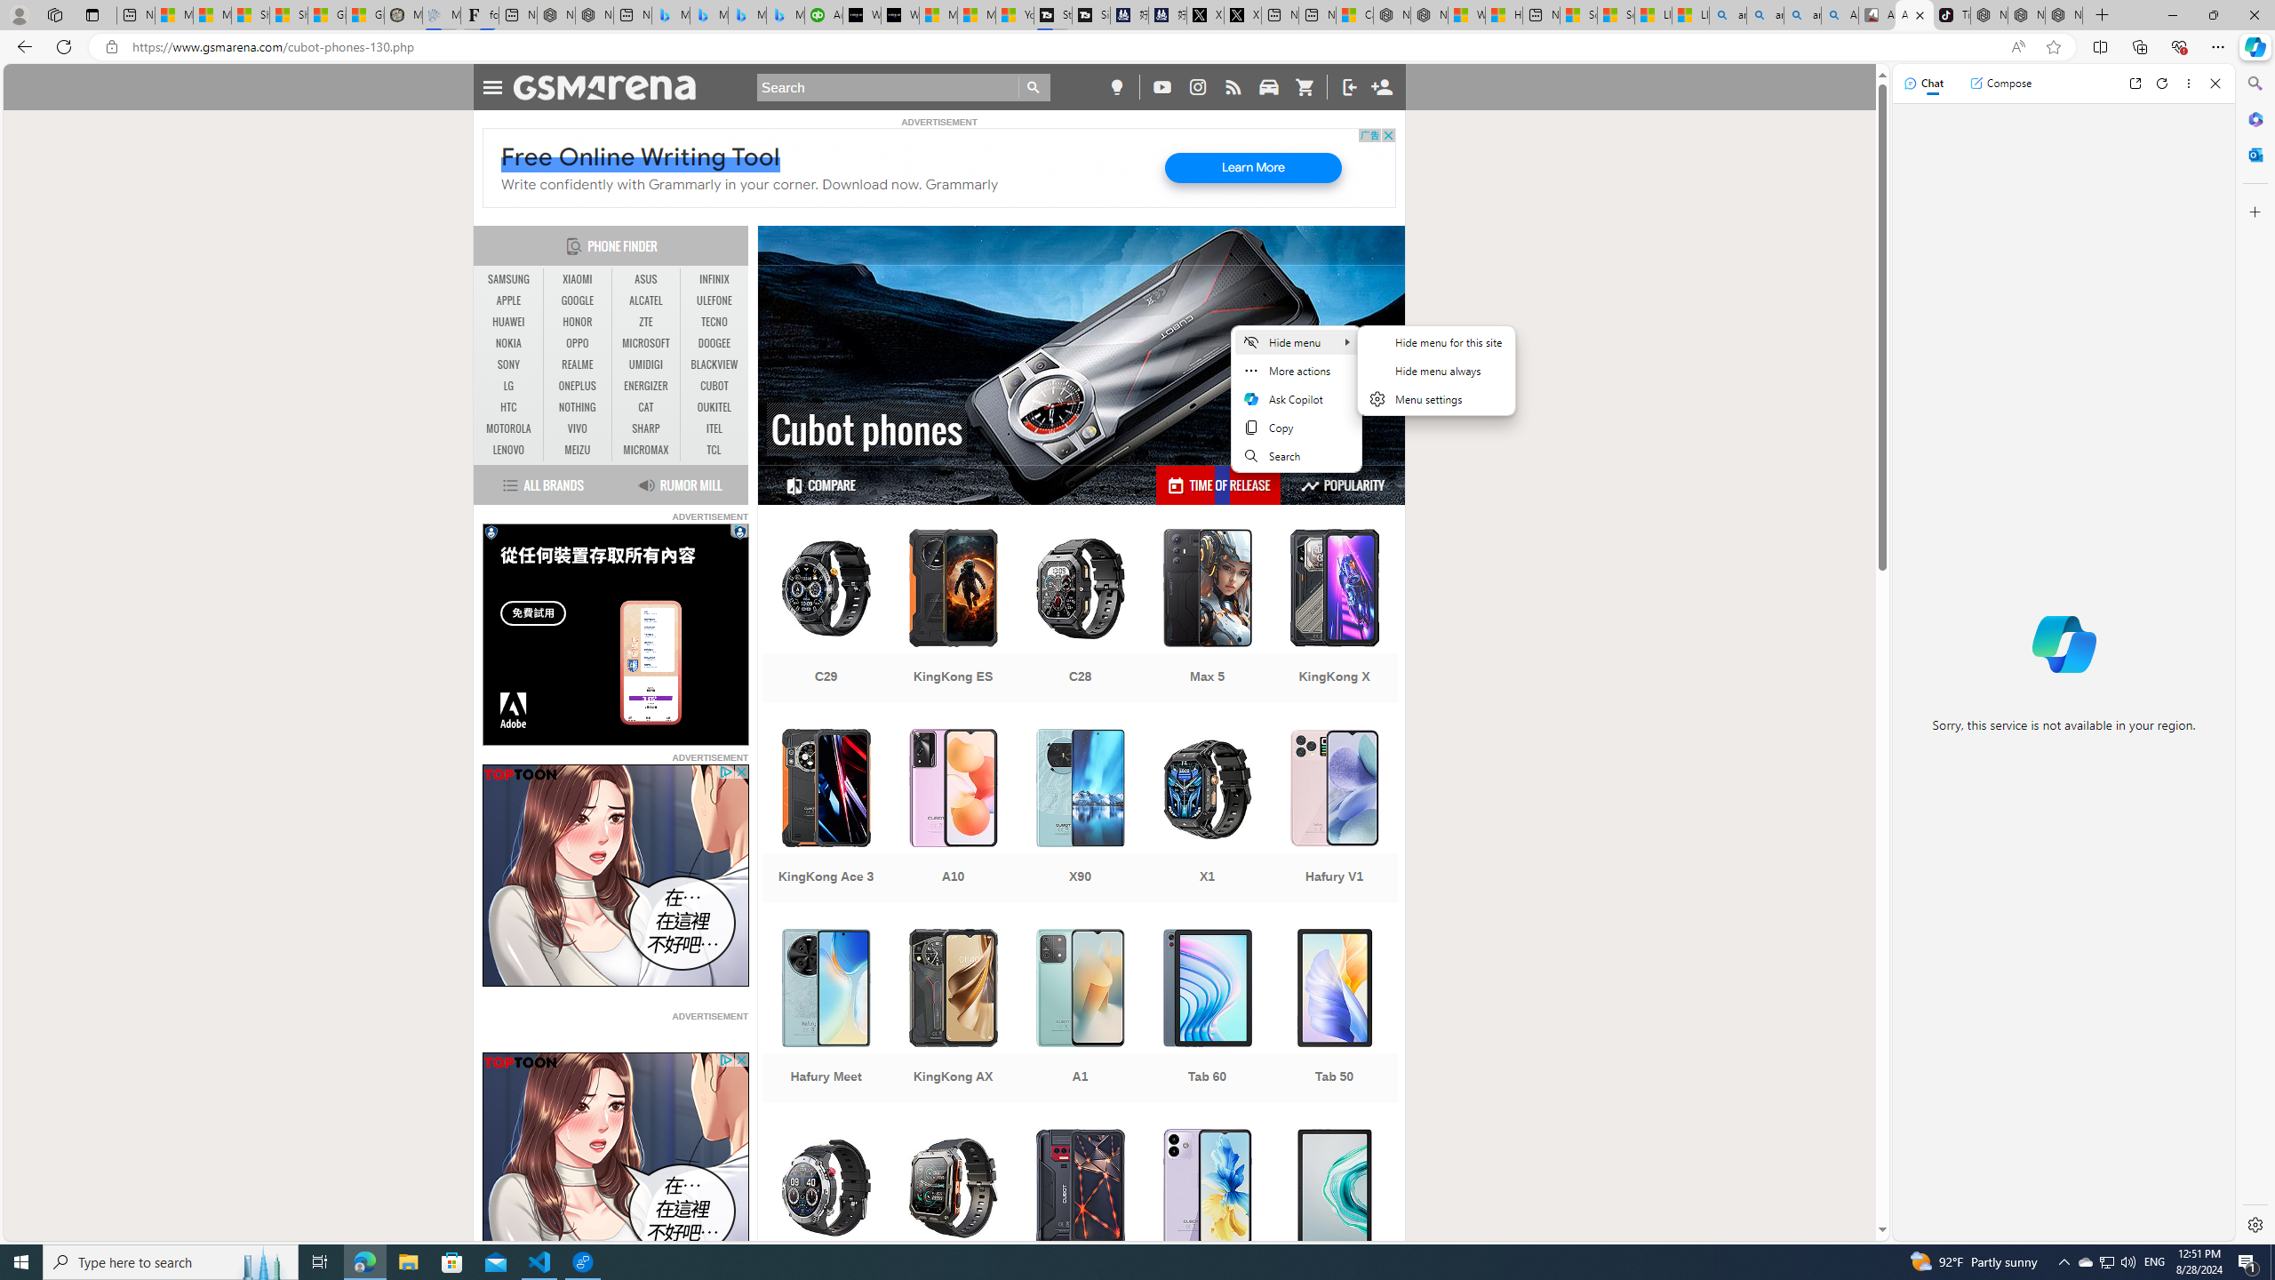 This screenshot has width=2275, height=1280. I want to click on 'TCL', so click(714, 449).